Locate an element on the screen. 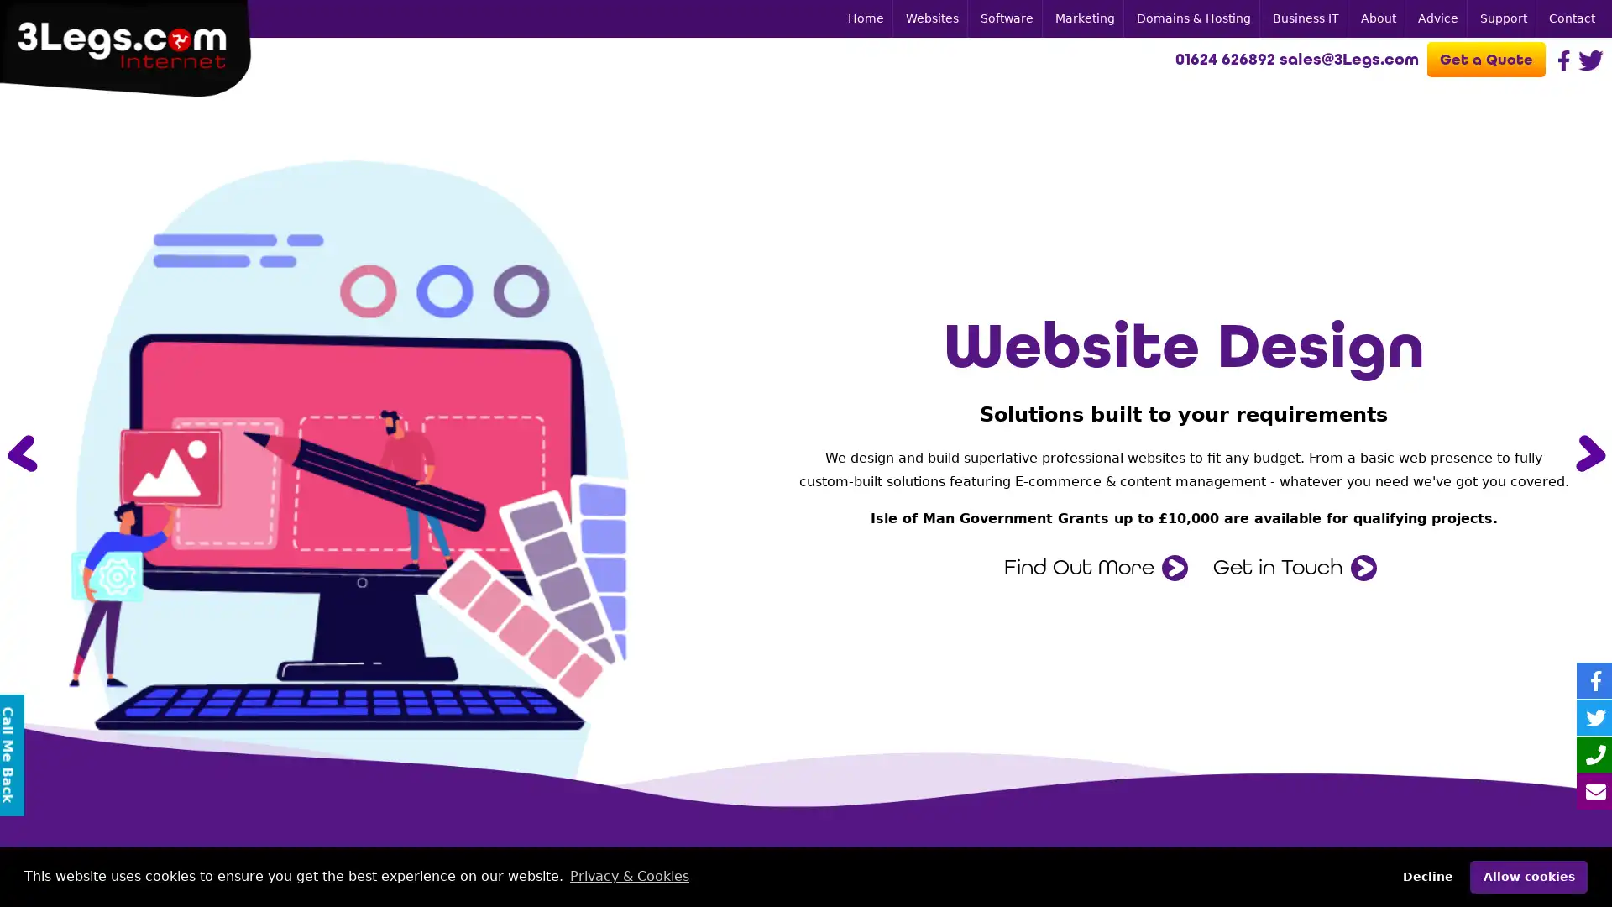 Image resolution: width=1612 pixels, height=907 pixels. allow cookies is located at coordinates (1528, 876).